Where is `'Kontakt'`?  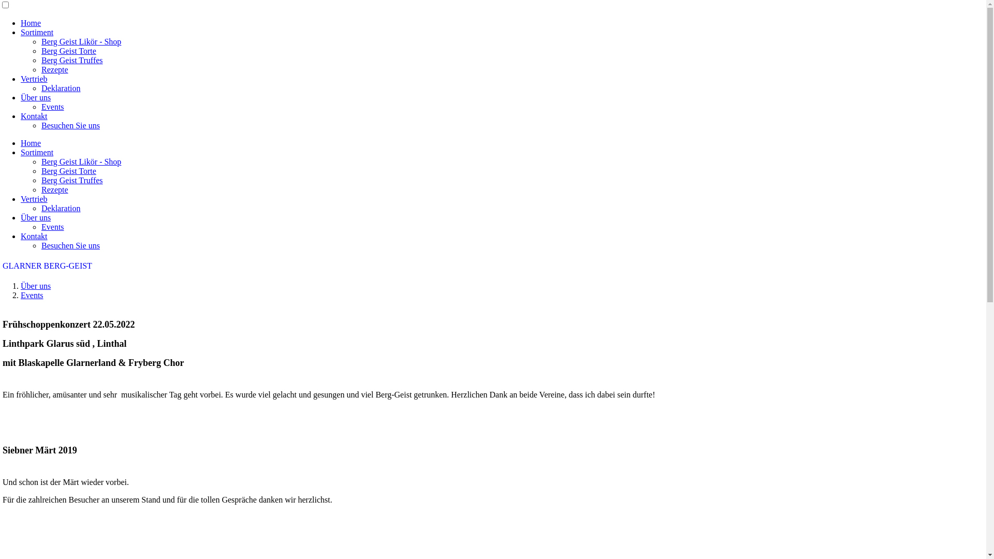
'Kontakt' is located at coordinates (34, 236).